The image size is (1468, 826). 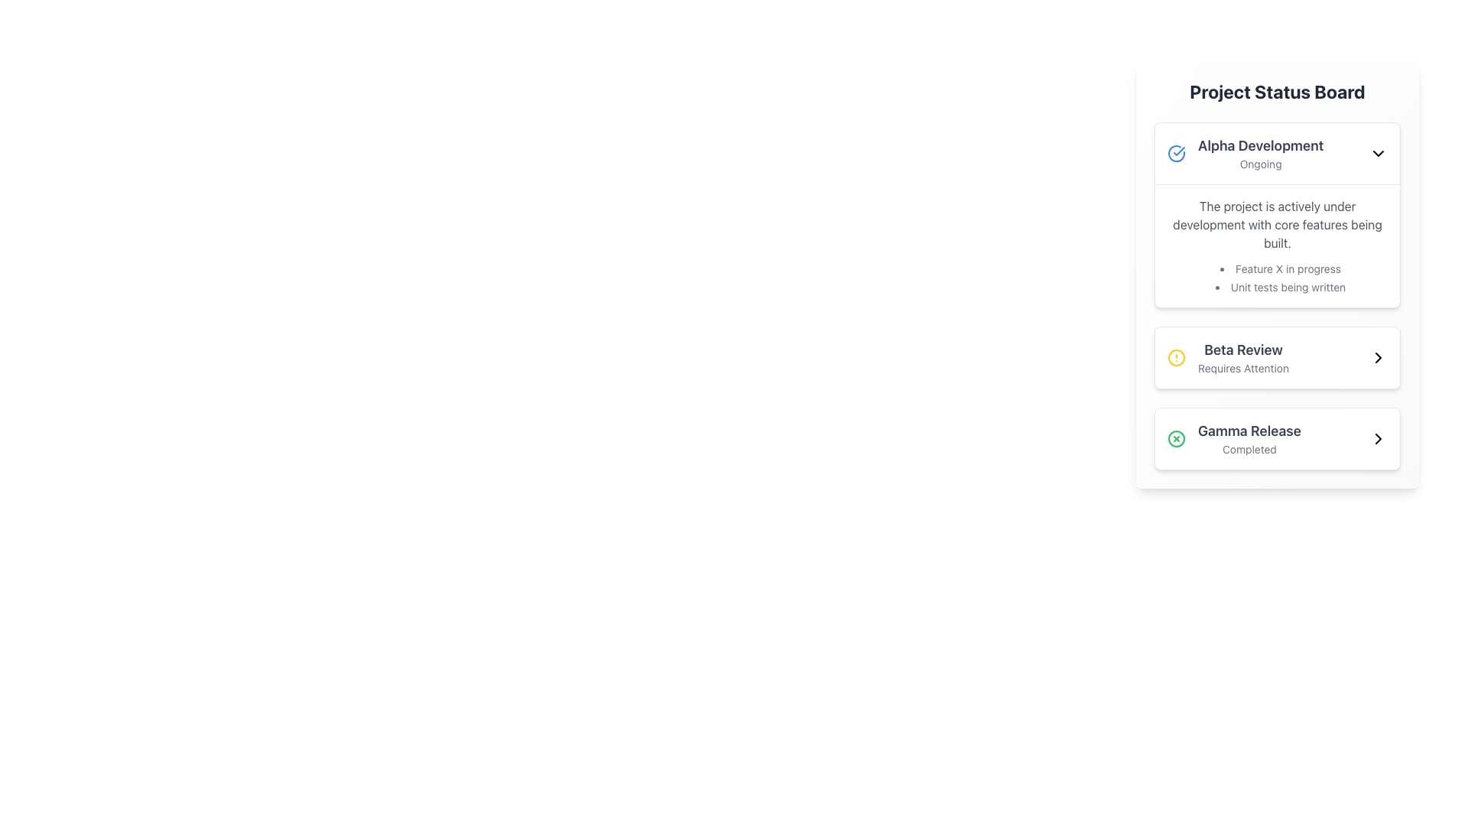 I want to click on text content of the 'Beta Review' status display, which indicates 'Requires Attention' and is located in the second section of the Project Status Board, so click(x=1243, y=357).